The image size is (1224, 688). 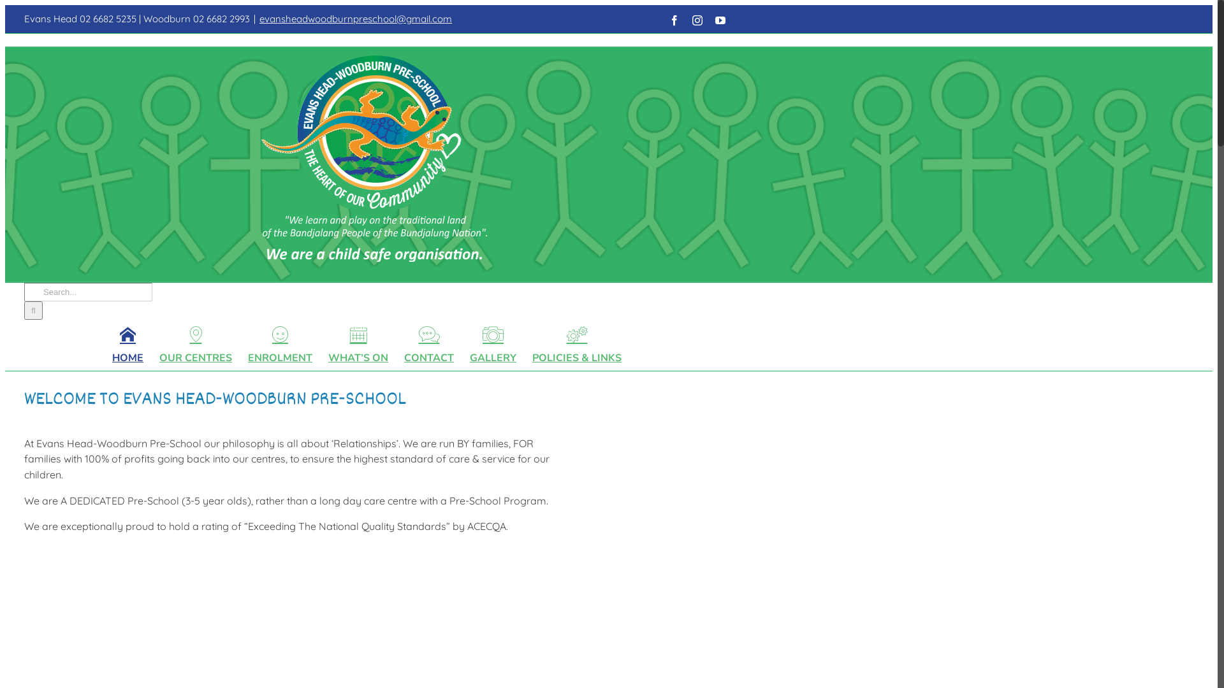 What do you see at coordinates (720, 20) in the screenshot?
I see `'YouTube'` at bounding box center [720, 20].